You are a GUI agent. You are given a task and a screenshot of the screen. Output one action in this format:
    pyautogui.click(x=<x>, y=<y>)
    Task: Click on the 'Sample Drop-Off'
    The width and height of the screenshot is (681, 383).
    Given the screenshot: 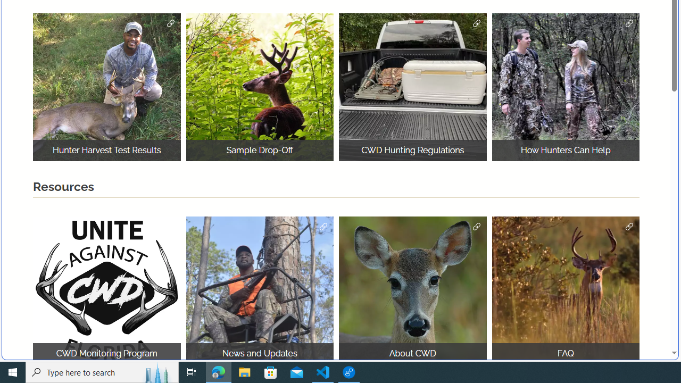 What is the action you would take?
    pyautogui.click(x=260, y=87)
    